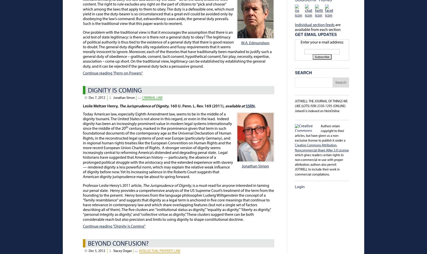  Describe the element at coordinates (157, 121) in the screenshot. I see `'Today American law, especially Eighth Amendment law, seems to be in the middle of a dignity tsunami. The United States is not alone in this regard, or even in the lead.  Indeed dignity has been an increasingly prominent value in modern legal systems internationally since the middle of the 20'` at that location.